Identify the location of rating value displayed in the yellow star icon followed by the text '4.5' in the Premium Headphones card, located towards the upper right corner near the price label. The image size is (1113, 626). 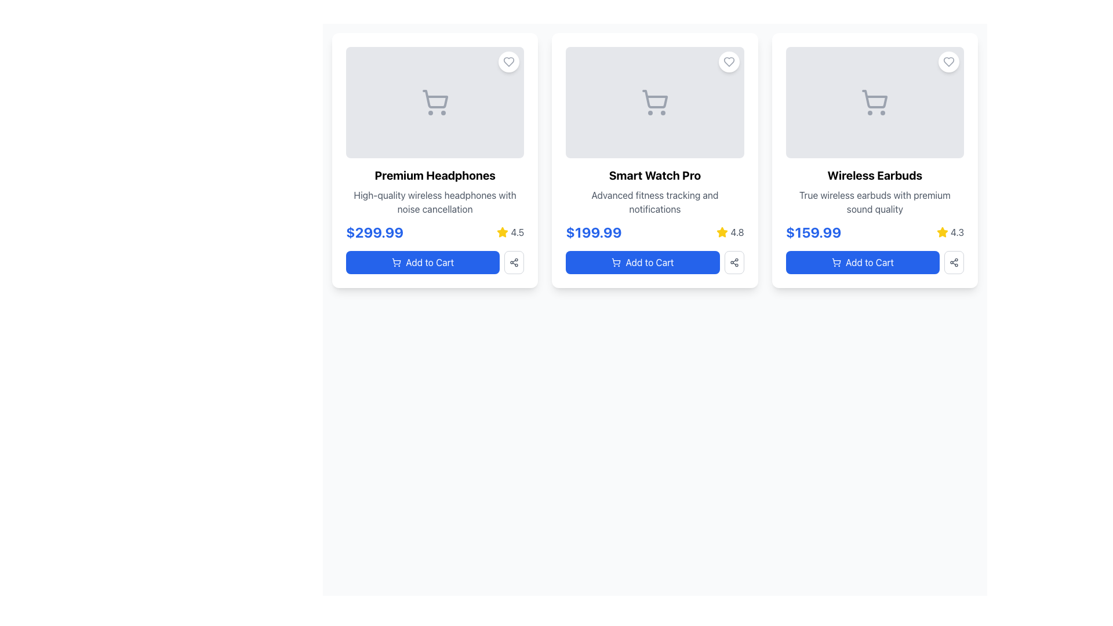
(510, 232).